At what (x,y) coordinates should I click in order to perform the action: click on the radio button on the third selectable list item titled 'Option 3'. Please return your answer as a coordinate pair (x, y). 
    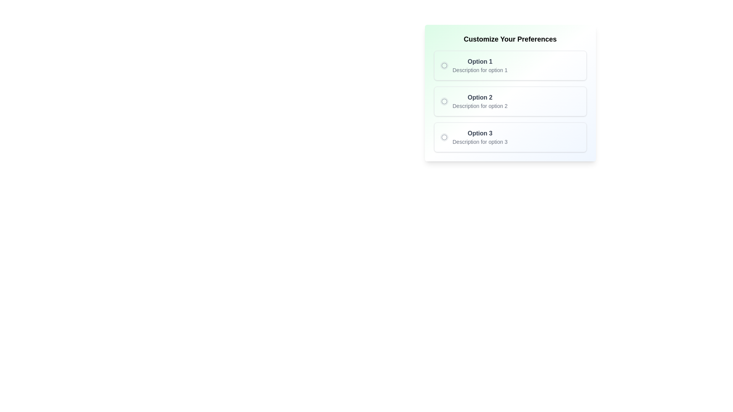
    Looking at the image, I should click on (510, 137).